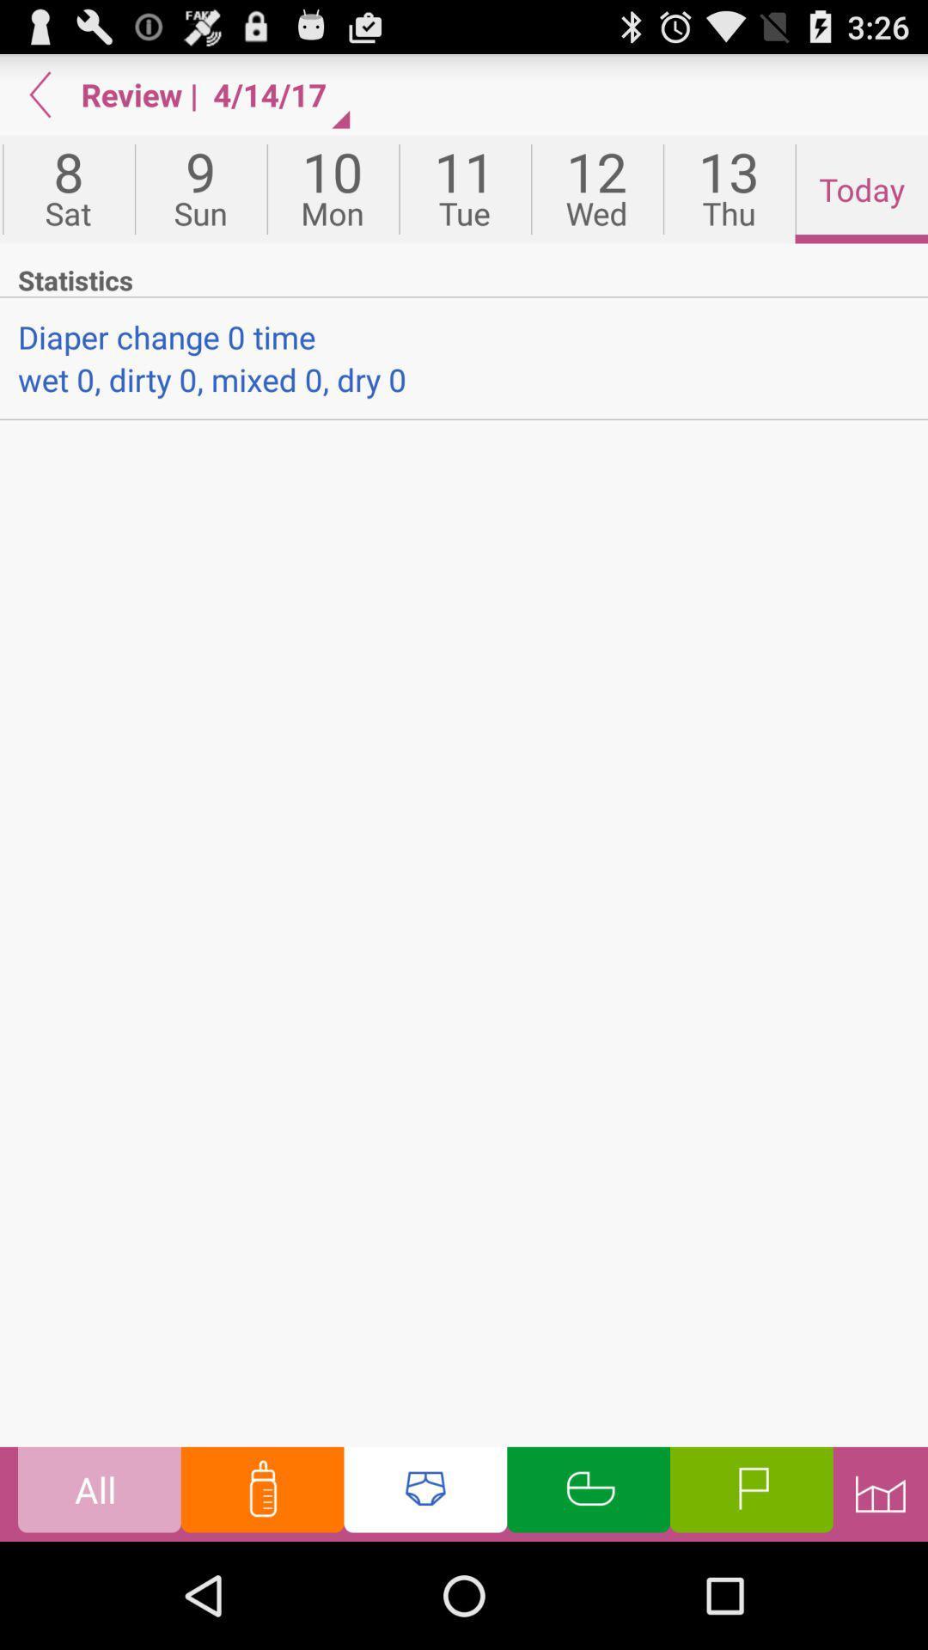  Describe the element at coordinates (40, 94) in the screenshot. I see `item to the left of review` at that location.